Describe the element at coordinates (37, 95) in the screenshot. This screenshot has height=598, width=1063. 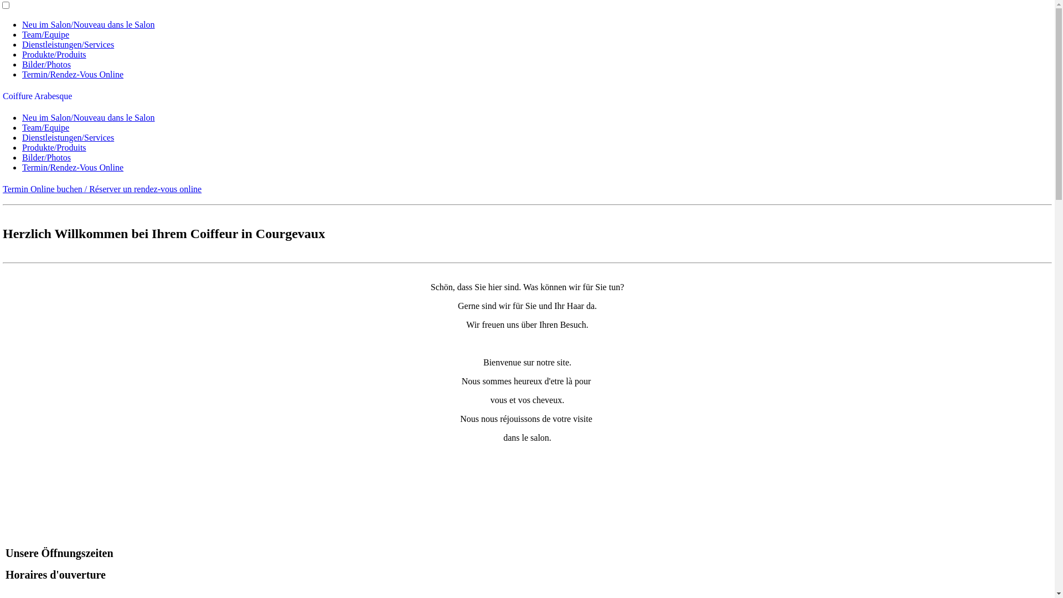
I see `'Coiffure Arabesque'` at that location.